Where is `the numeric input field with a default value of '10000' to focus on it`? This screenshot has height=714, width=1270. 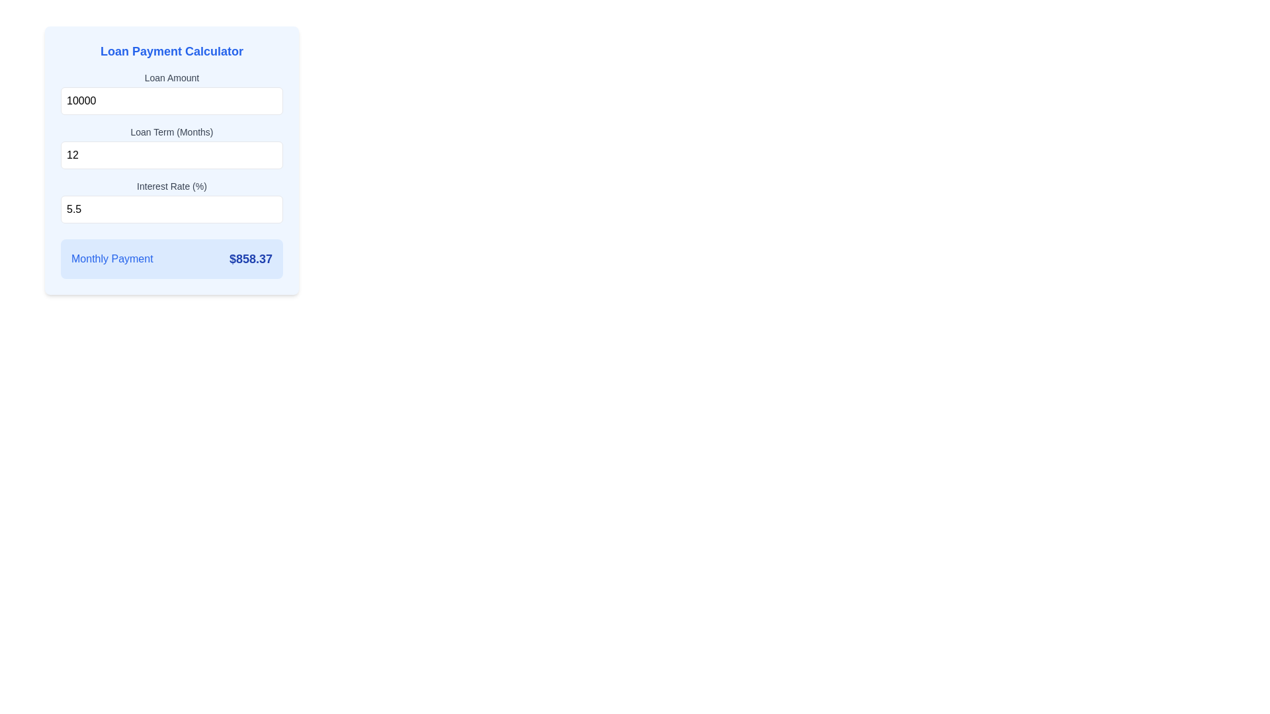 the numeric input field with a default value of '10000' to focus on it is located at coordinates (171, 100).